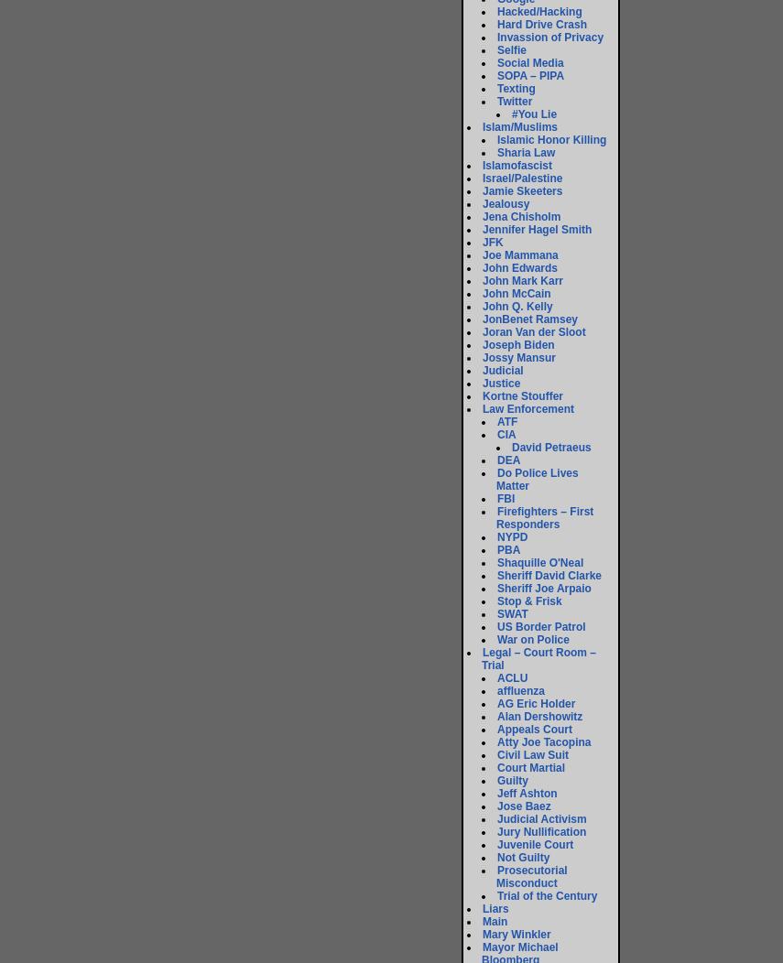 The height and width of the screenshot is (963, 783). I want to click on 'Jennifer Hagel Smith', so click(483, 229).